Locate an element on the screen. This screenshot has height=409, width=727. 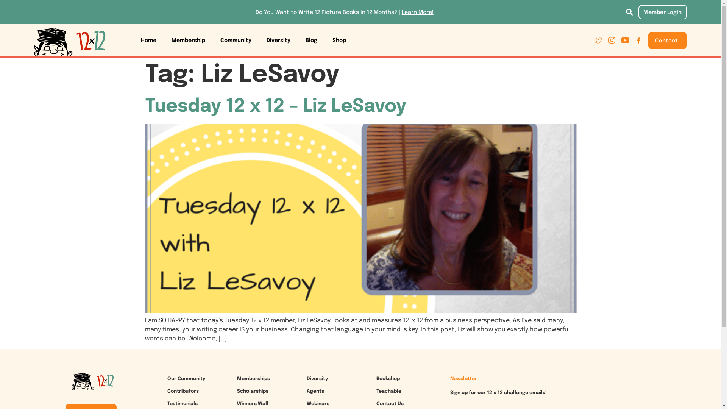
'More!' is located at coordinates (425, 12).